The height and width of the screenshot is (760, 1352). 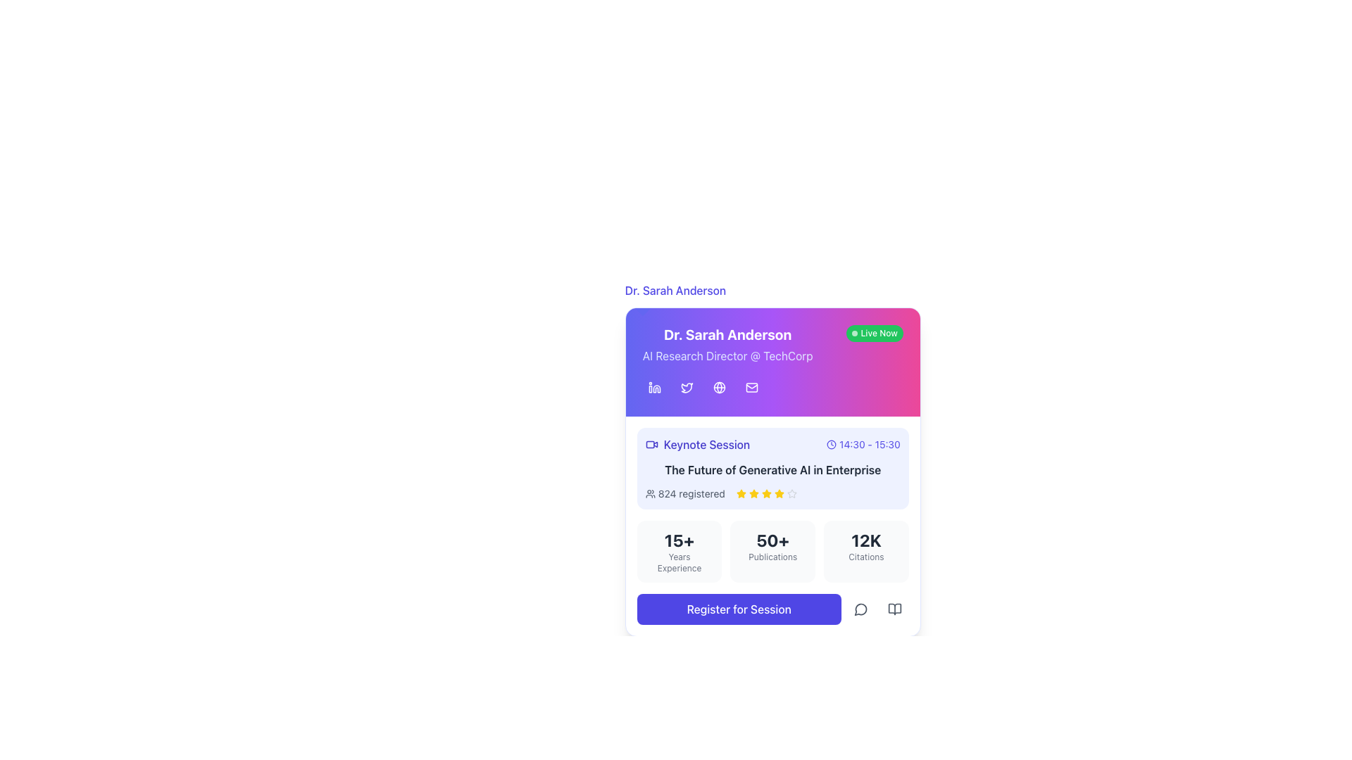 What do you see at coordinates (740, 493) in the screenshot?
I see `the second star in the rating indicator located below the session description section` at bounding box center [740, 493].